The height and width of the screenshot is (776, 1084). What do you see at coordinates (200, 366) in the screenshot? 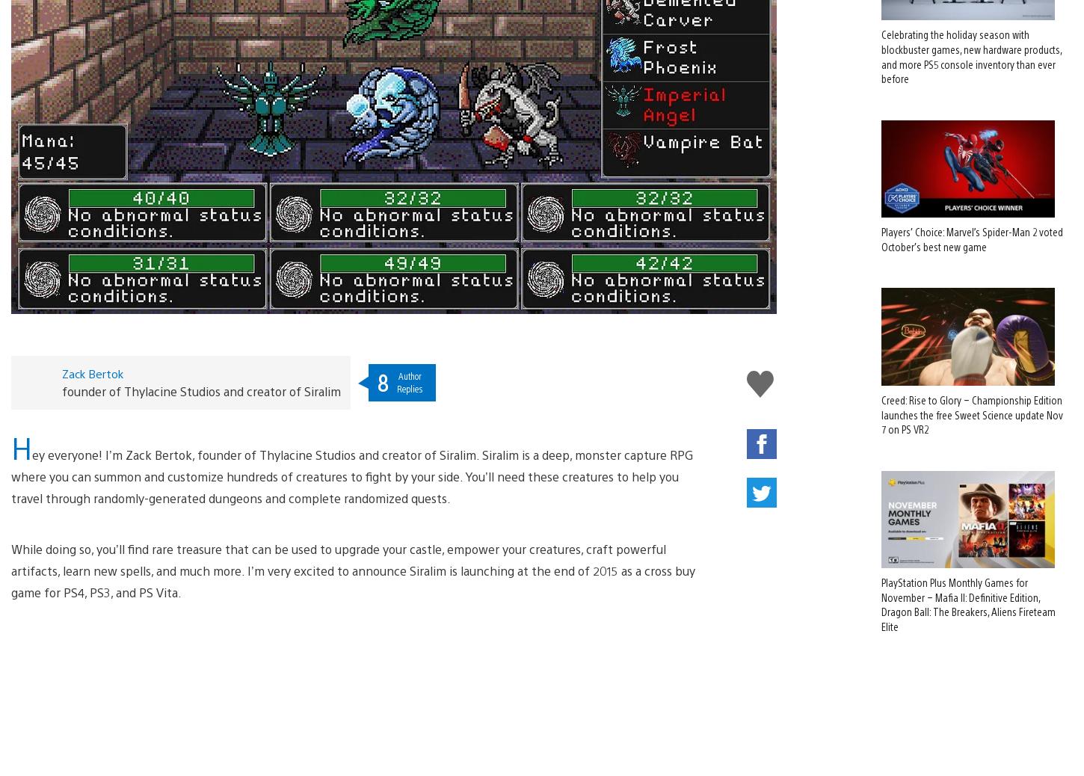
I see `'founder of Thylacine Studios and creator of Siralim'` at bounding box center [200, 366].